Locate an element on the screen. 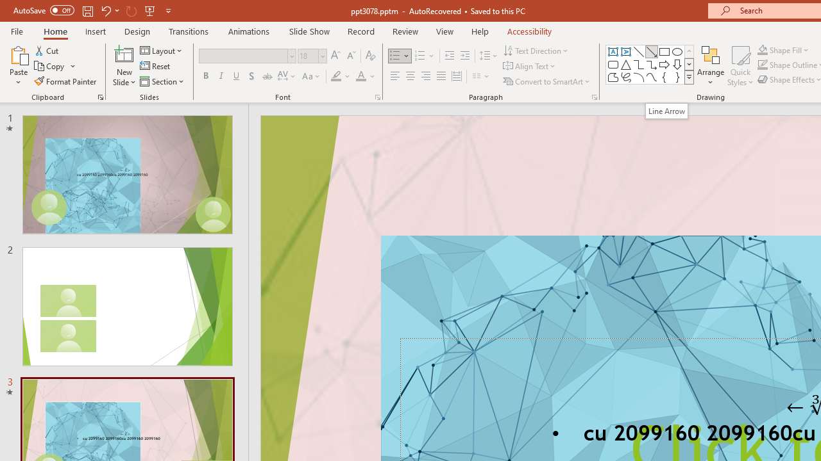 The height and width of the screenshot is (461, 821). 'Line Spacing' is located at coordinates (488, 55).